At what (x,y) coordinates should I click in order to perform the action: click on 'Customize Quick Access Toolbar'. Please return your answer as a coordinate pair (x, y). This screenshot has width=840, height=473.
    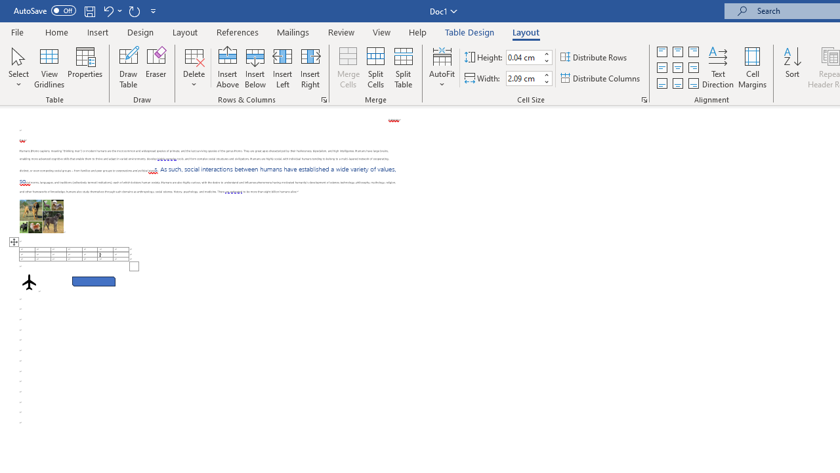
    Looking at the image, I should click on (154, 11).